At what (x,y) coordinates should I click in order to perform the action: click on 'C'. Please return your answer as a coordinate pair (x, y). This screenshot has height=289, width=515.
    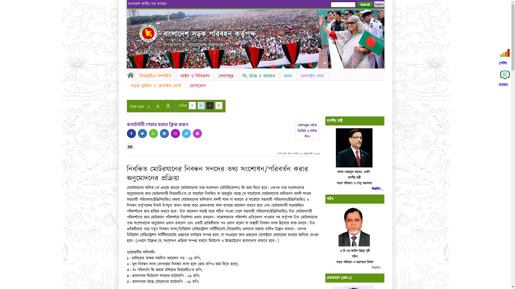
    Looking at the image, I should click on (209, 105).